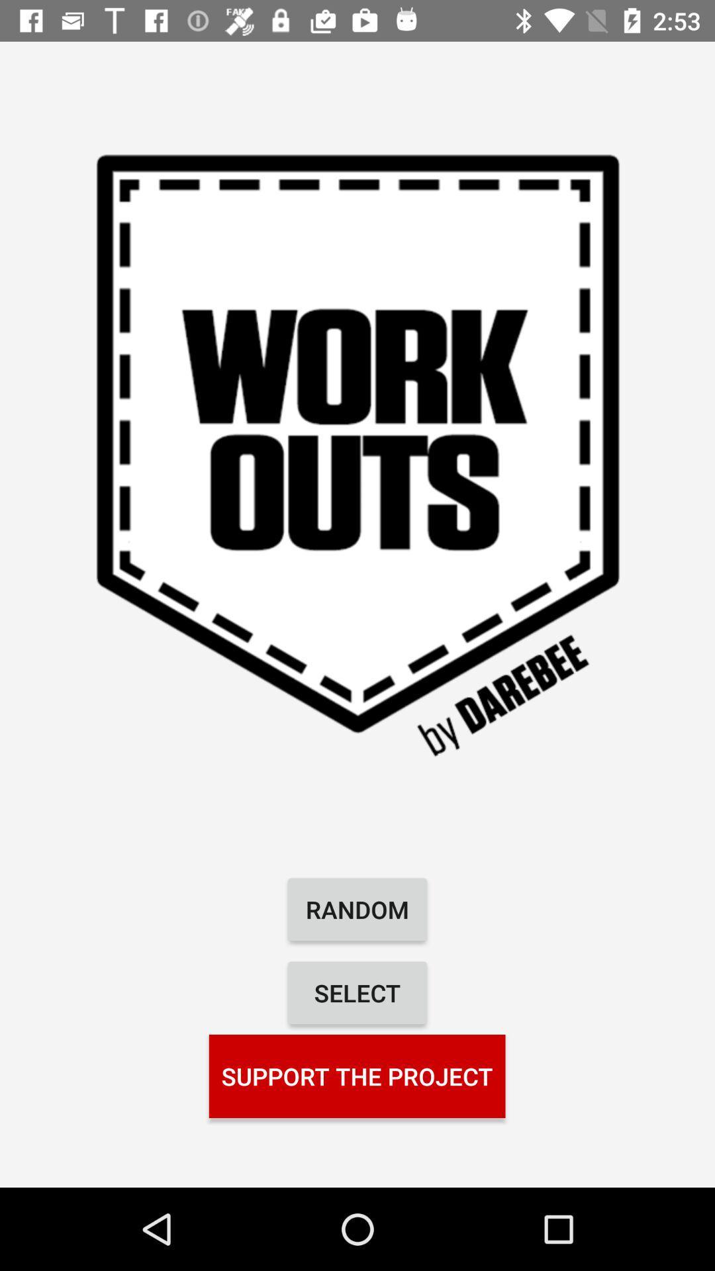 The width and height of the screenshot is (715, 1271). Describe the element at coordinates (356, 1076) in the screenshot. I see `the support the project` at that location.